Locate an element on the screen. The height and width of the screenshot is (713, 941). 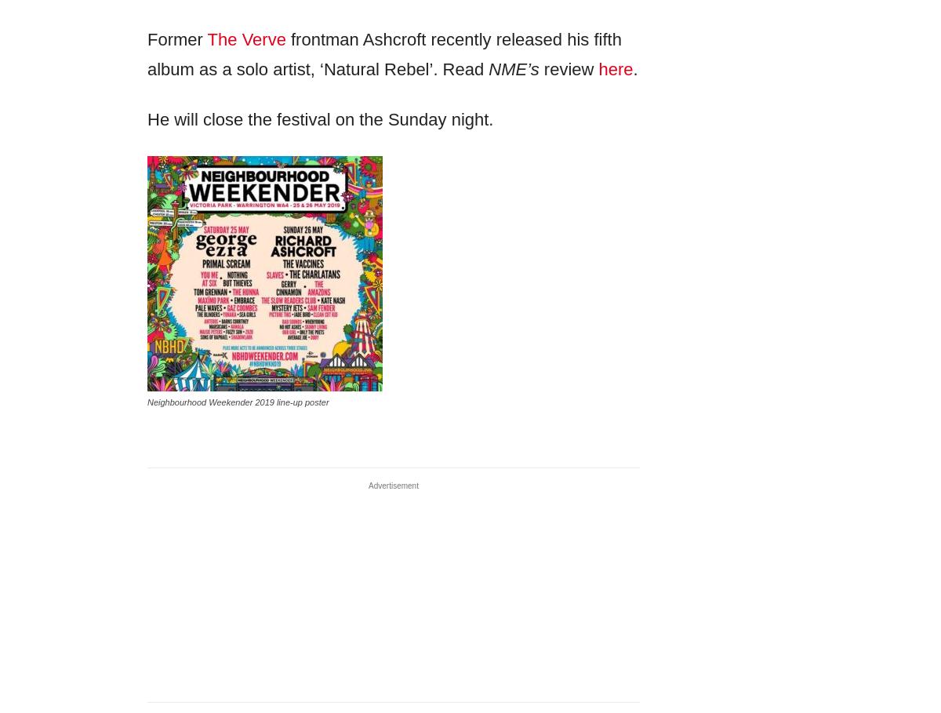
'review' is located at coordinates (569, 68).